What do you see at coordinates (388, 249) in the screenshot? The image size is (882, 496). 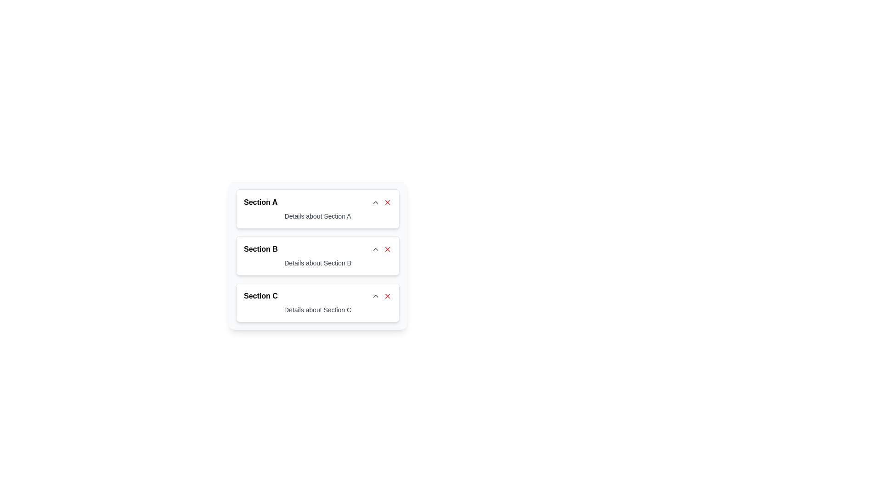 I see `the button located in the top-right corner of the 'Section B' box` at bounding box center [388, 249].